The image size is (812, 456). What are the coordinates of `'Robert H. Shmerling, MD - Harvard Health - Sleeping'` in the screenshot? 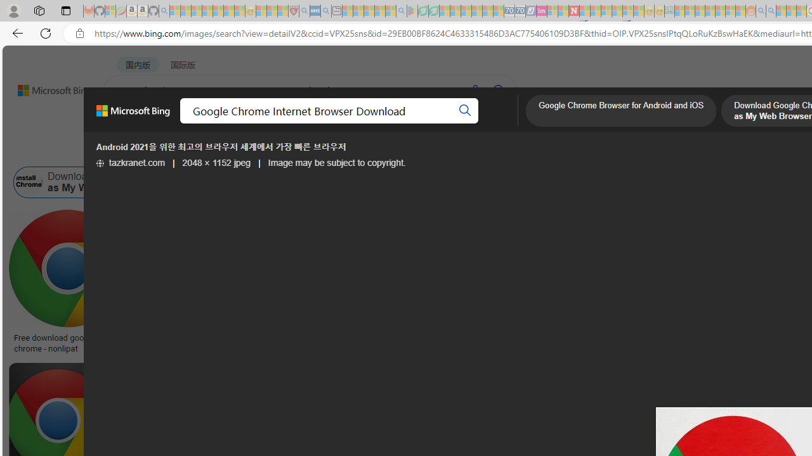 It's located at (292, 11).